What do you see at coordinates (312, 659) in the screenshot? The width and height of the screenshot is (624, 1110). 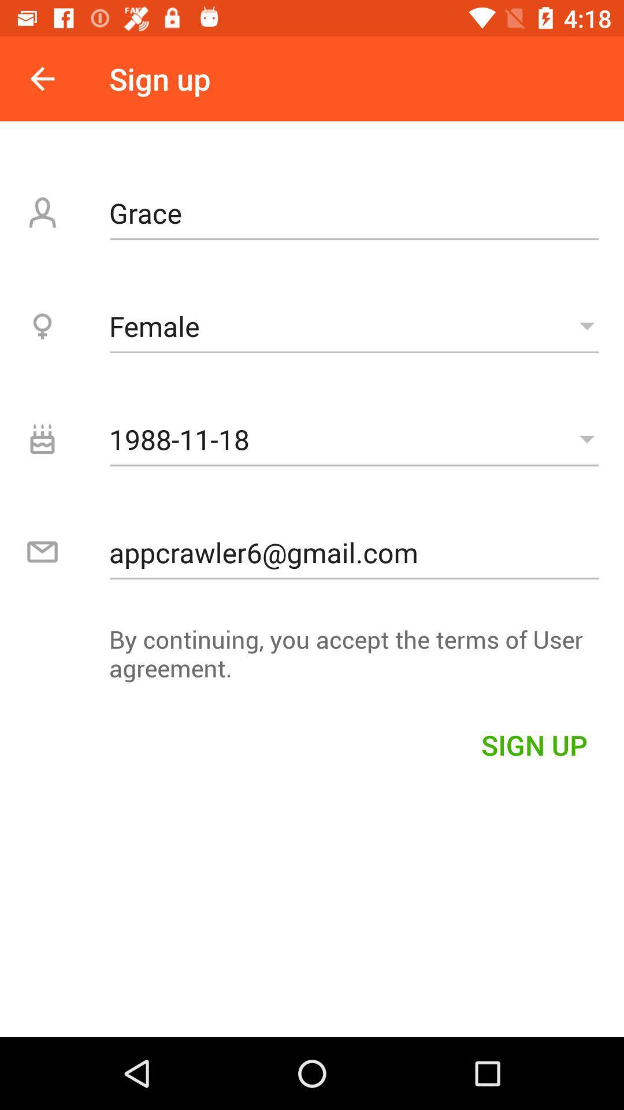 I see `icon above sign up item` at bounding box center [312, 659].